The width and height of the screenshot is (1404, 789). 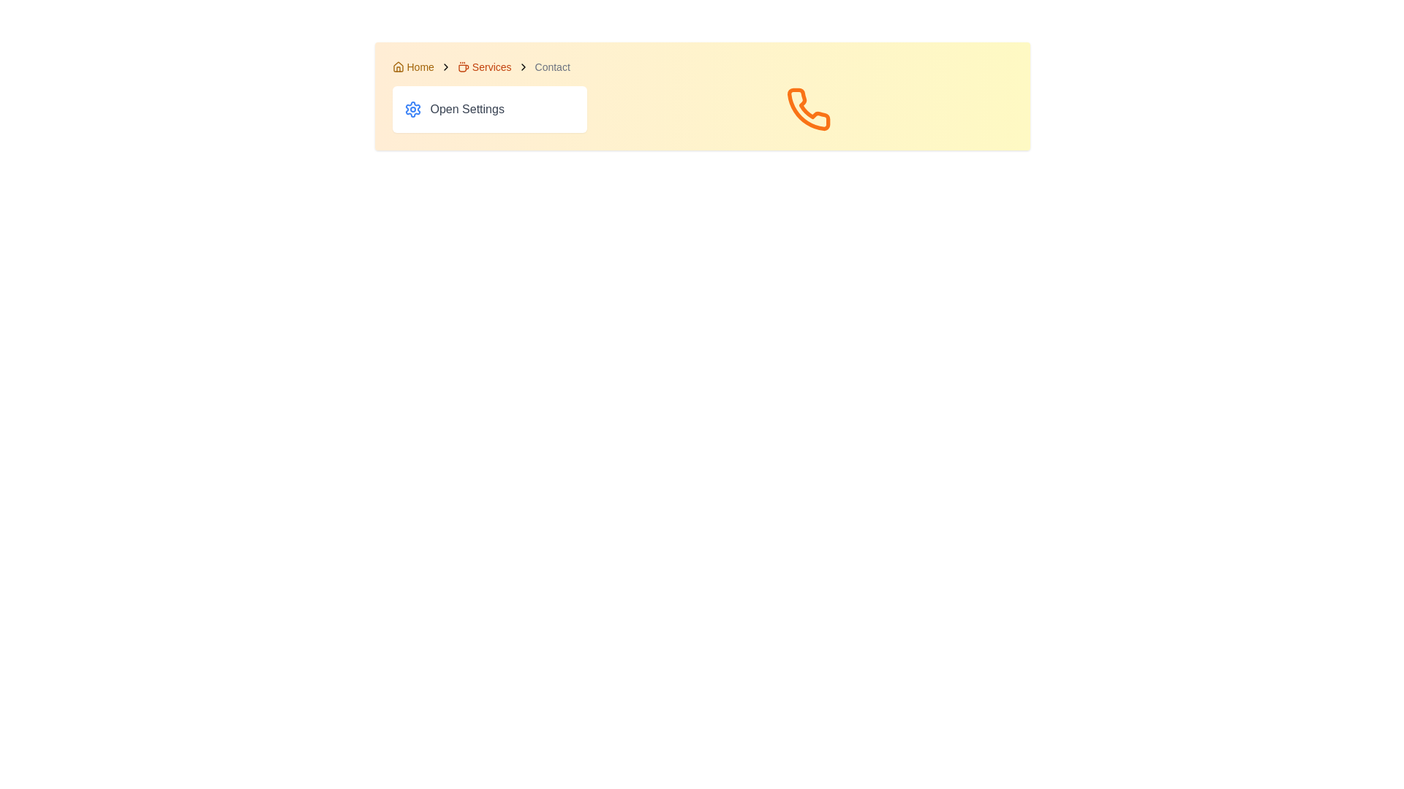 What do you see at coordinates (445, 67) in the screenshot?
I see `the Chevron icon in the breadcrumb navigation, which indicates hierarchy between the 'Home' and 'Services' links` at bounding box center [445, 67].